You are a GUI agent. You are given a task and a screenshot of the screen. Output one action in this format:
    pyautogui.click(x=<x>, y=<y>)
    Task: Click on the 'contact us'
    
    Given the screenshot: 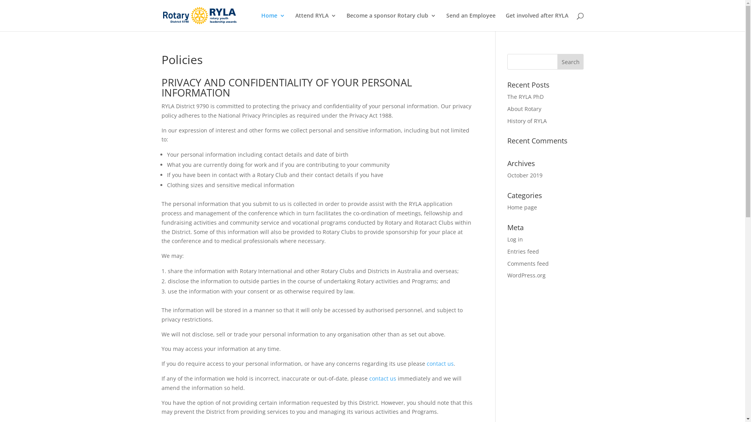 What is the action you would take?
    pyautogui.click(x=426, y=363)
    